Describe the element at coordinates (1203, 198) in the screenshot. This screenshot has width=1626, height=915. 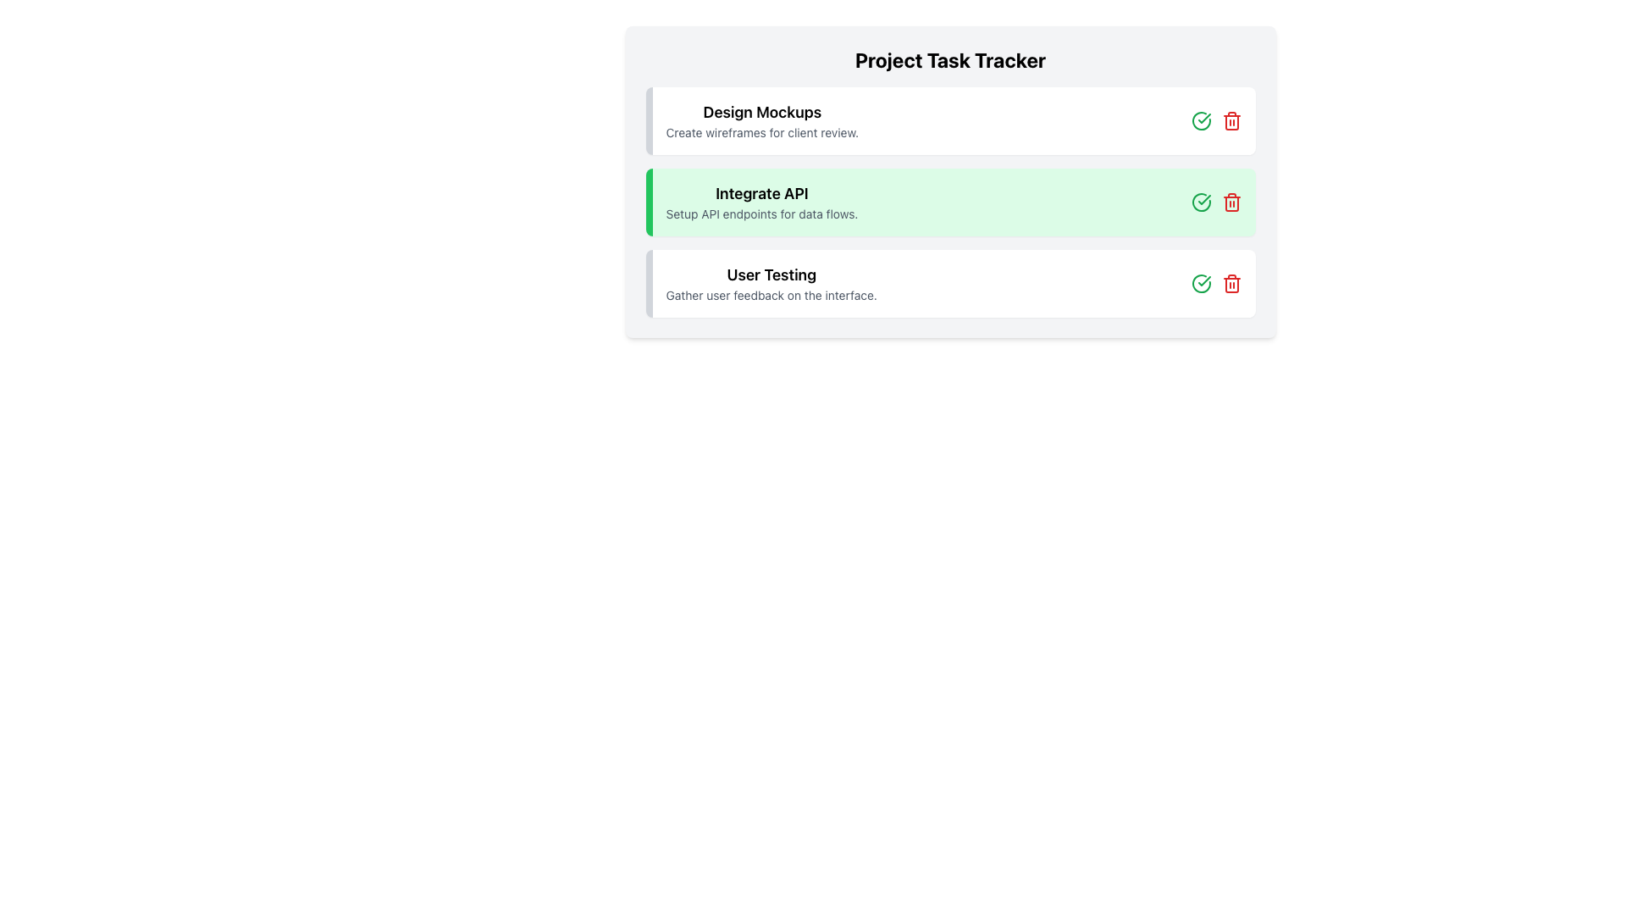
I see `the green checkmark icon within the circular shape that indicates a completed task, located to the right of the 'Integrate API' task title in the 'Project Task Tracker' application` at that location.